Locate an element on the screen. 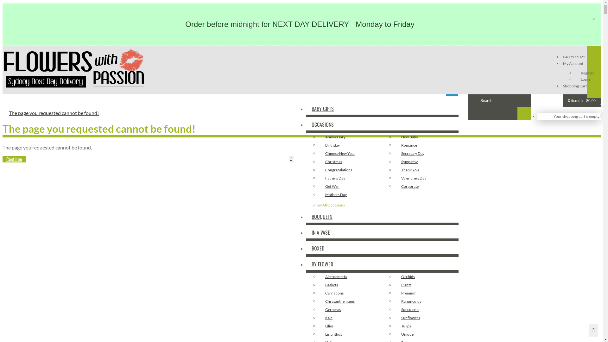  'Flowers With Passion (ABN 39694061234) ' is located at coordinates (74, 69).